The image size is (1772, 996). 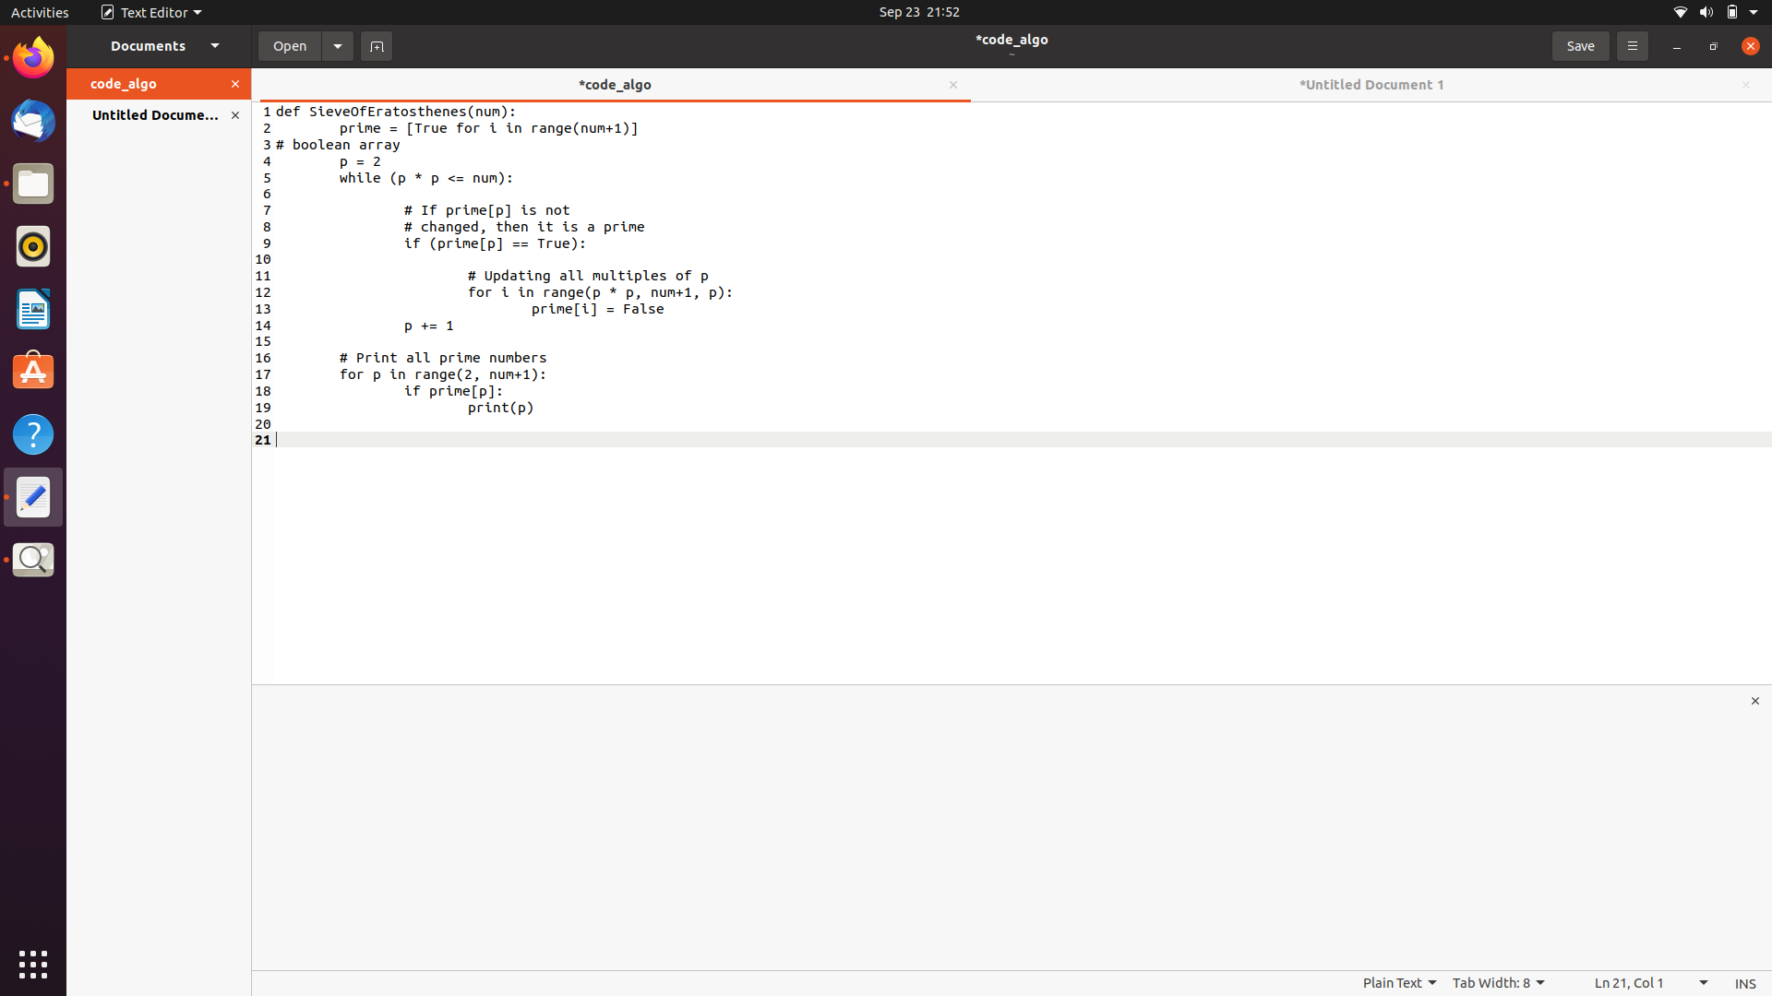 What do you see at coordinates (338, 44) in the screenshot?
I see `the options for the open document button` at bounding box center [338, 44].